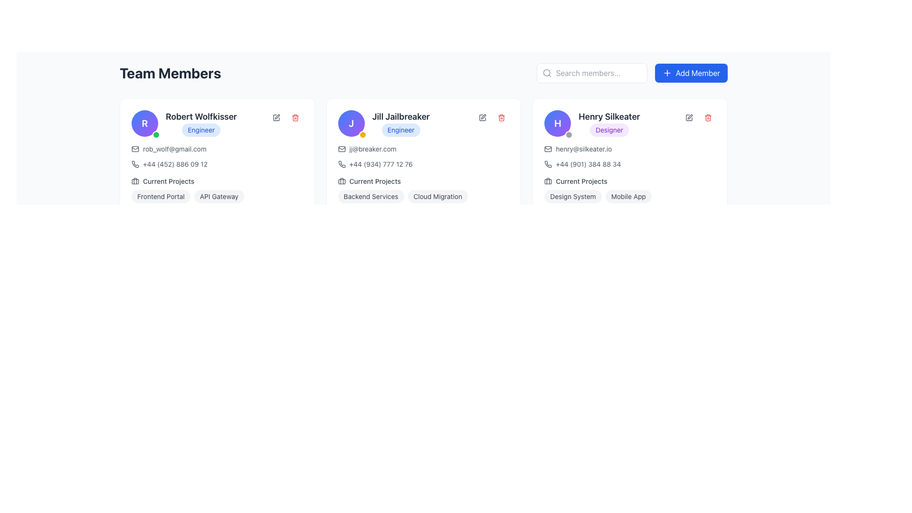 This screenshot has height=513, width=912. What do you see at coordinates (437, 196) in the screenshot?
I see `the pill-shaped label with light gray background and 'Cloud Migration' text, located below 'Current Projects' and to the right of 'Backend Services'` at bounding box center [437, 196].